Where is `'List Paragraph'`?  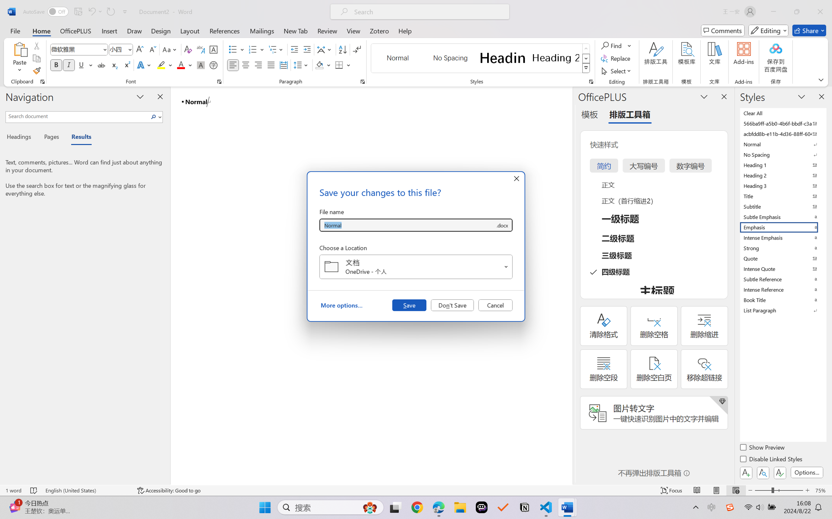 'List Paragraph' is located at coordinates (782, 310).